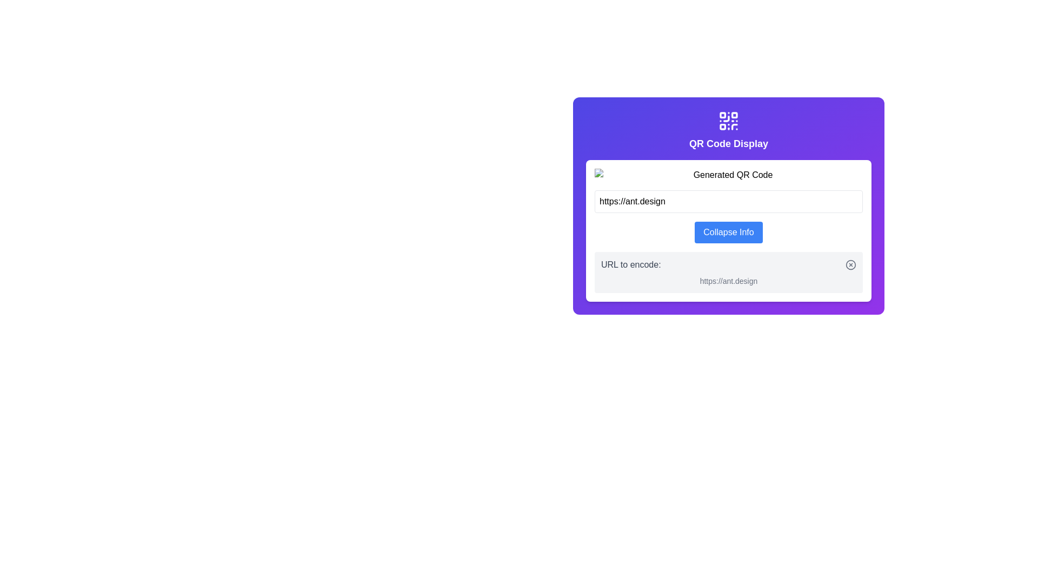 The image size is (1038, 584). I want to click on the decorative QR code icon located at the top of the interface in the 'QR Code Display' section, so click(729, 121).